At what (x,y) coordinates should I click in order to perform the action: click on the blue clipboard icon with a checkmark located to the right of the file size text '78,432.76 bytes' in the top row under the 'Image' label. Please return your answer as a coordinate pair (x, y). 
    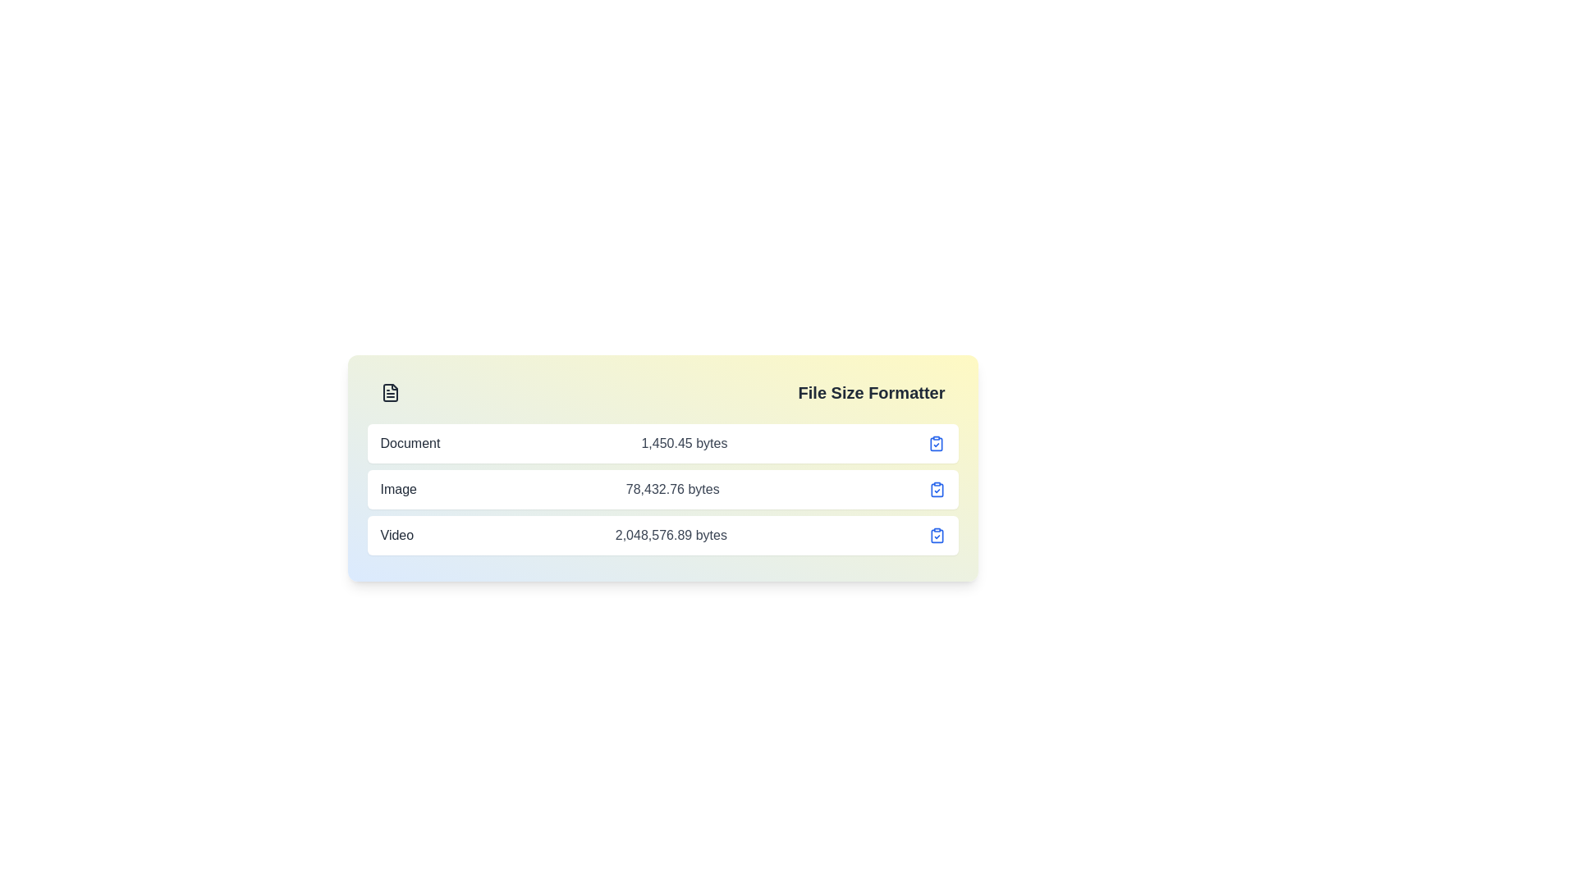
    Looking at the image, I should click on (937, 489).